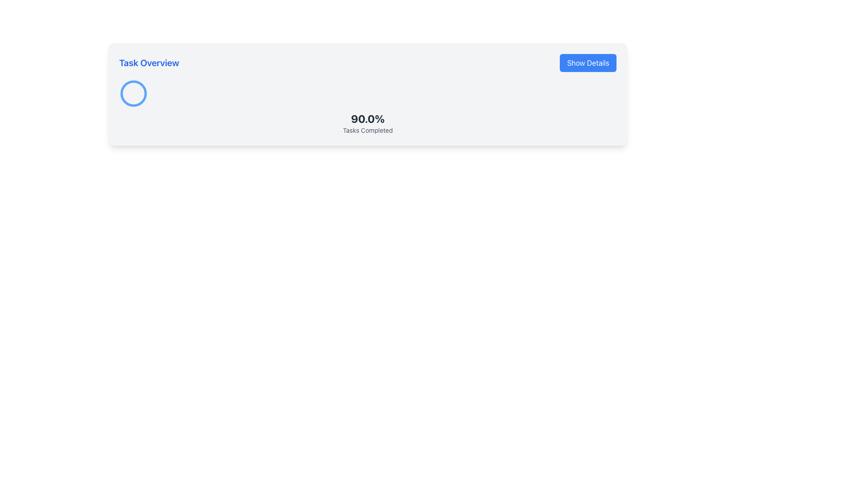 The width and height of the screenshot is (864, 486). What do you see at coordinates (588, 62) in the screenshot?
I see `the button located in the top-right corner of the 'Task Overview' section` at bounding box center [588, 62].